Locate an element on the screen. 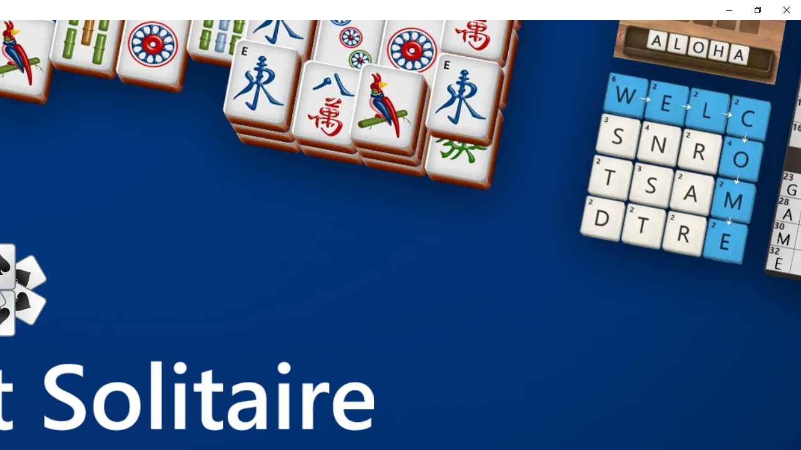 The height and width of the screenshot is (450, 801). 'Restore Solitaire & Casual Games' is located at coordinates (757, 9).